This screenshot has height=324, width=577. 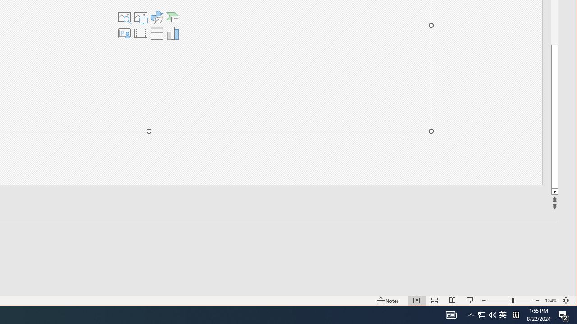 What do you see at coordinates (140, 17) in the screenshot?
I see `'Pictures'` at bounding box center [140, 17].